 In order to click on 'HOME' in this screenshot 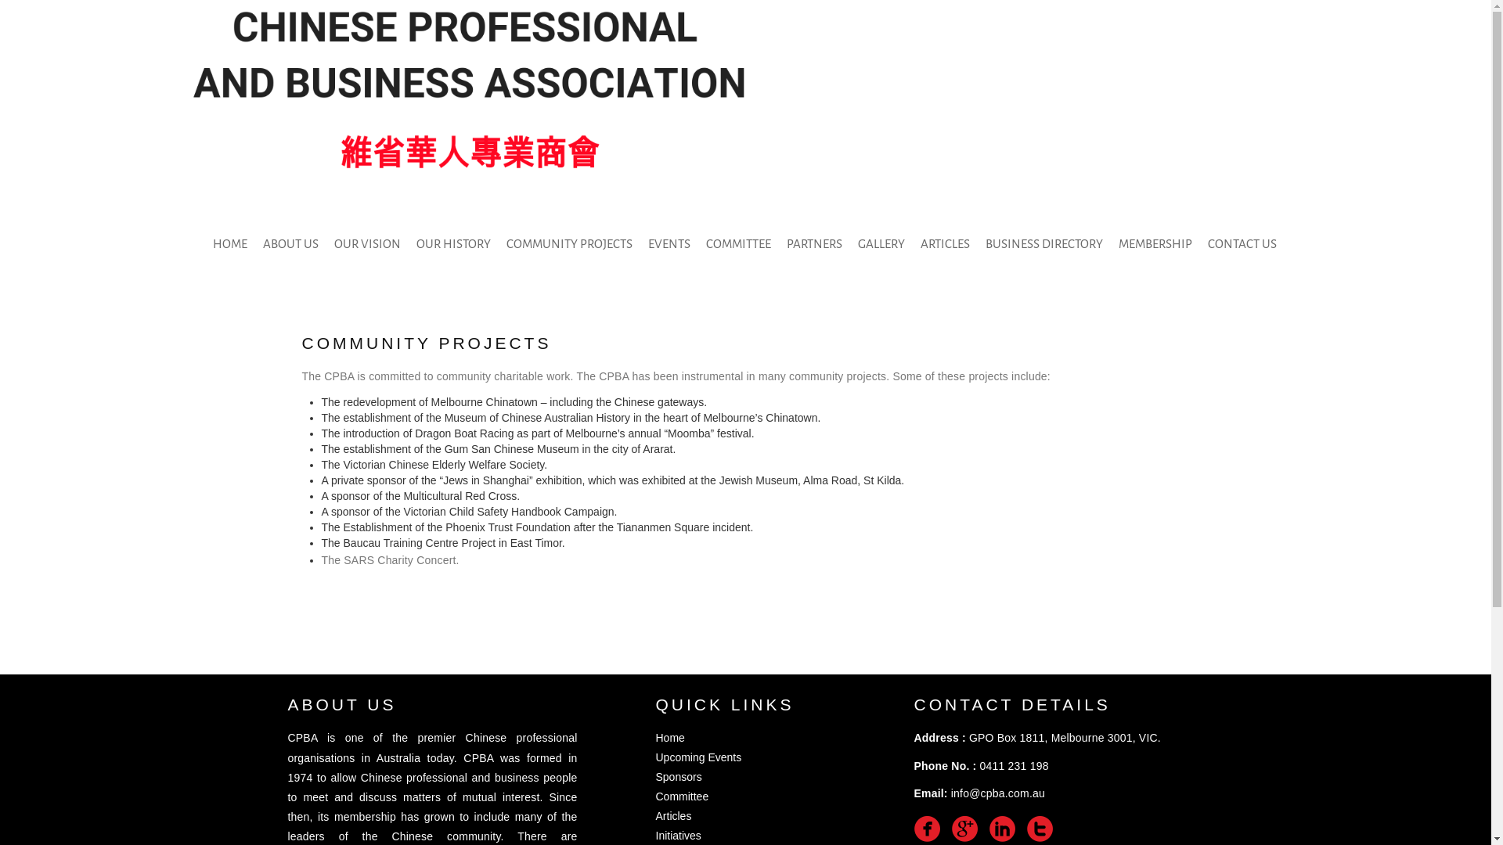, I will do `click(204, 244)`.